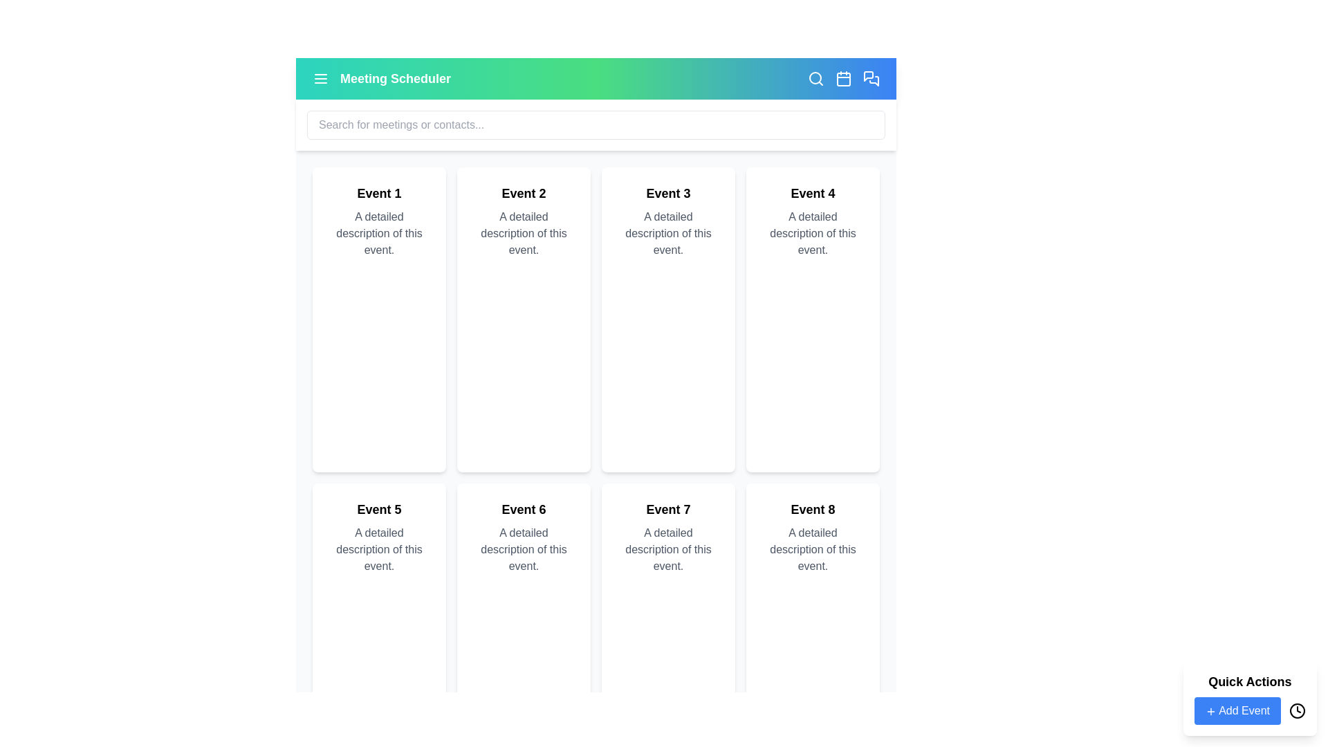 The height and width of the screenshot is (747, 1328). I want to click on the hamburger menu icon, which is represented by three horizontal lines on a teal background, located on the left side of the header bar before the text 'Meeting Scheduler', so click(320, 79).